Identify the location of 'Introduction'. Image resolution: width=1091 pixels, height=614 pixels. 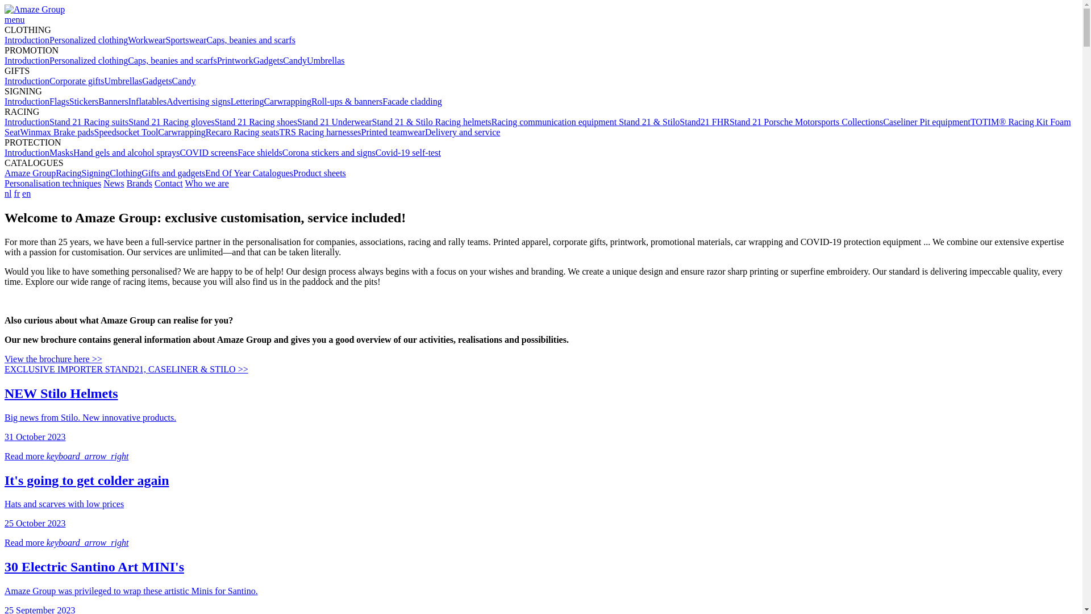
(27, 60).